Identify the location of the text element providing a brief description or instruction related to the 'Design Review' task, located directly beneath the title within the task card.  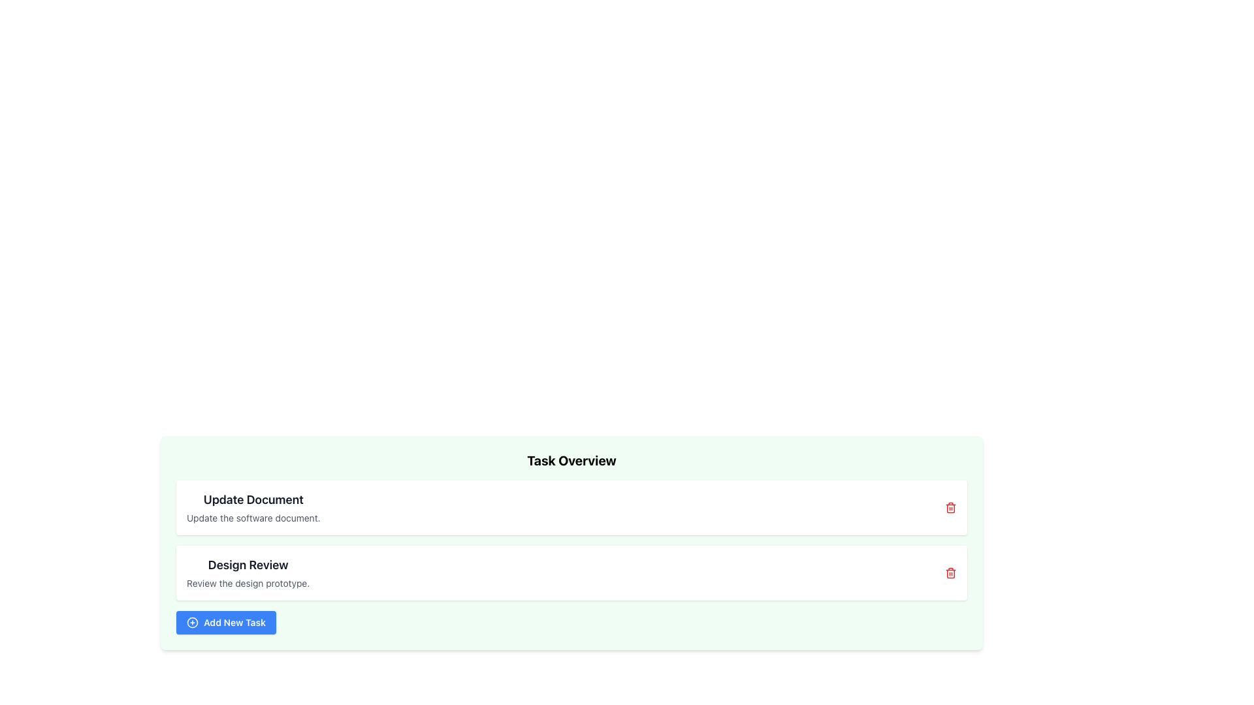
(248, 583).